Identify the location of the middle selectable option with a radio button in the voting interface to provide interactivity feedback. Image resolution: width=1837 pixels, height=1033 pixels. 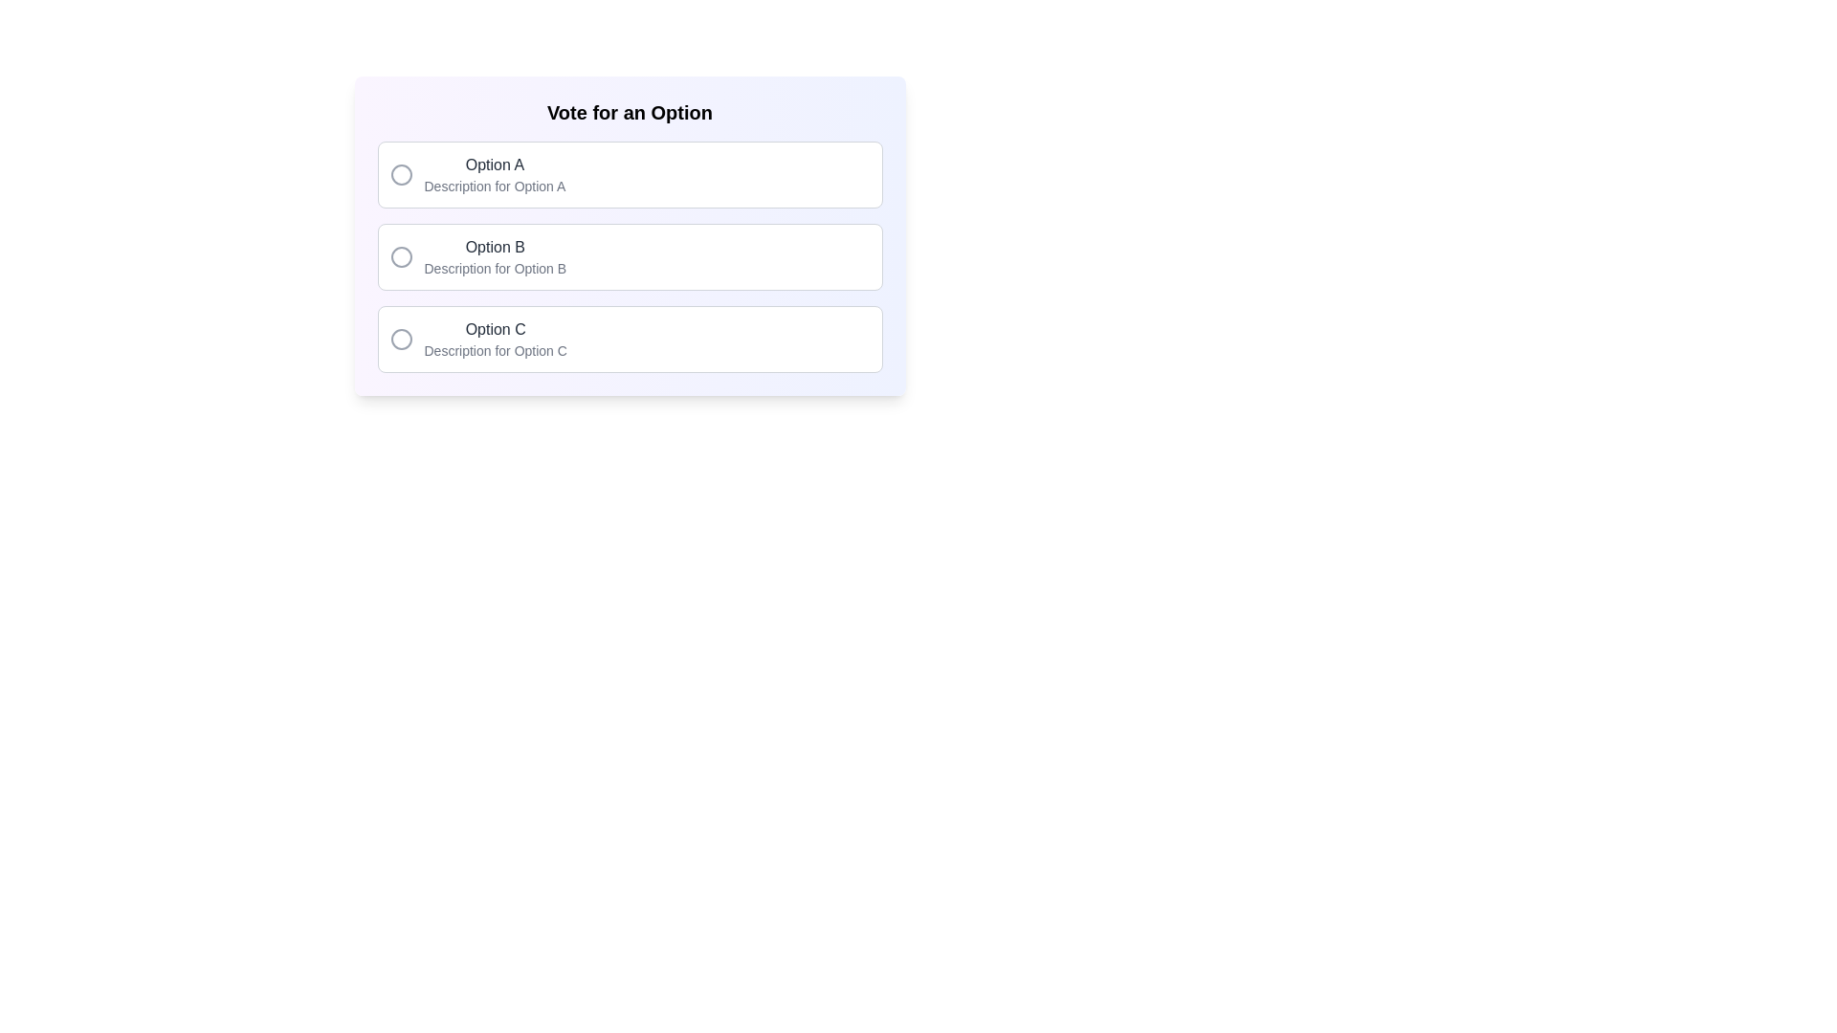
(630, 256).